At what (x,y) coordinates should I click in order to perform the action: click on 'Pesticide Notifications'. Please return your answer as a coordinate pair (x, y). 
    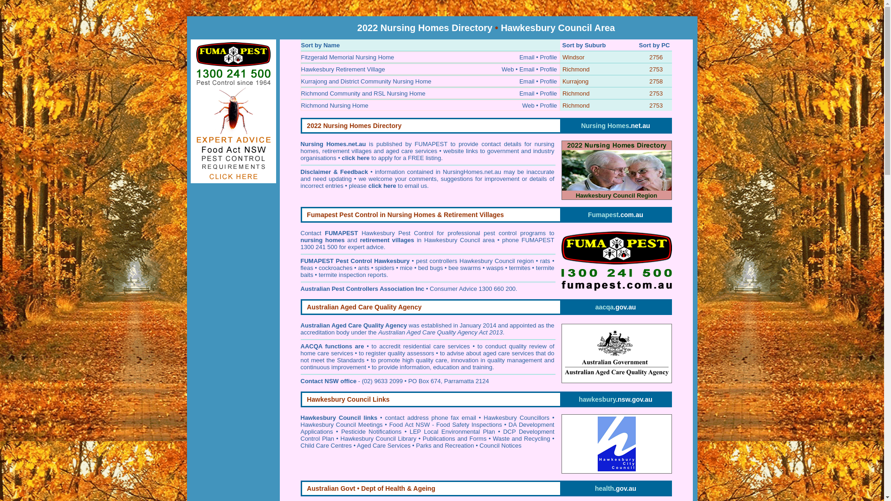
    Looking at the image, I should click on (371, 431).